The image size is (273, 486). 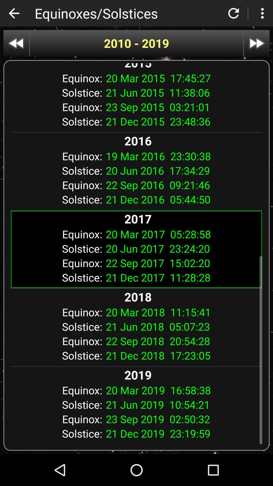 What do you see at coordinates (234, 13) in the screenshot?
I see `it 's a circle with an arrow on it that indicates a page refresh when pressed` at bounding box center [234, 13].